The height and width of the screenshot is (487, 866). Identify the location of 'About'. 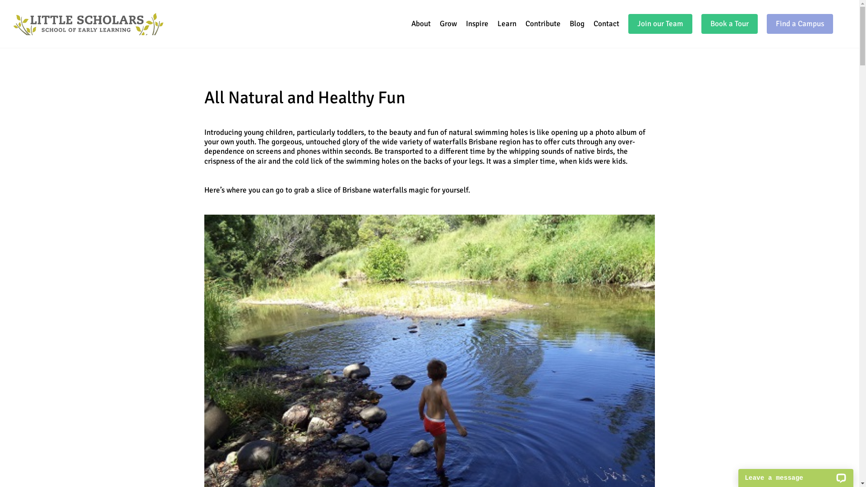
(420, 23).